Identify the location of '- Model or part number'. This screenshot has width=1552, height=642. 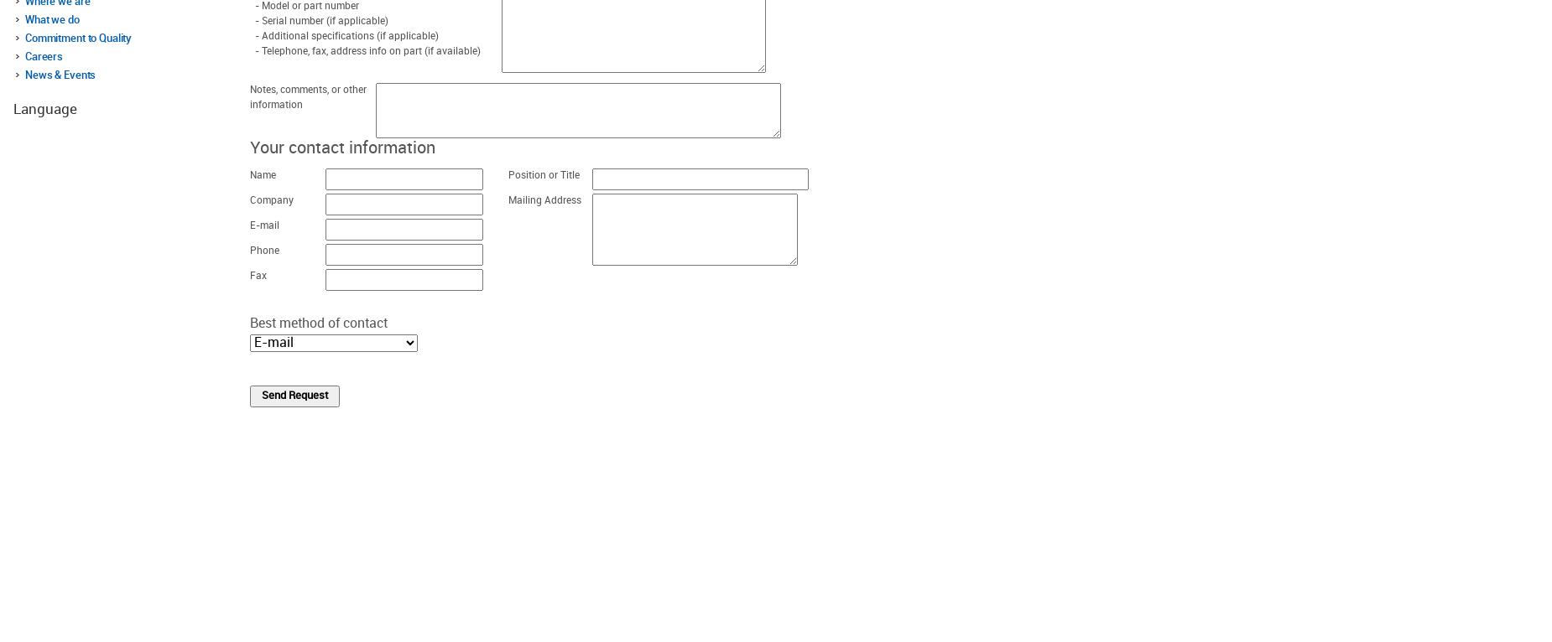
(303, 5).